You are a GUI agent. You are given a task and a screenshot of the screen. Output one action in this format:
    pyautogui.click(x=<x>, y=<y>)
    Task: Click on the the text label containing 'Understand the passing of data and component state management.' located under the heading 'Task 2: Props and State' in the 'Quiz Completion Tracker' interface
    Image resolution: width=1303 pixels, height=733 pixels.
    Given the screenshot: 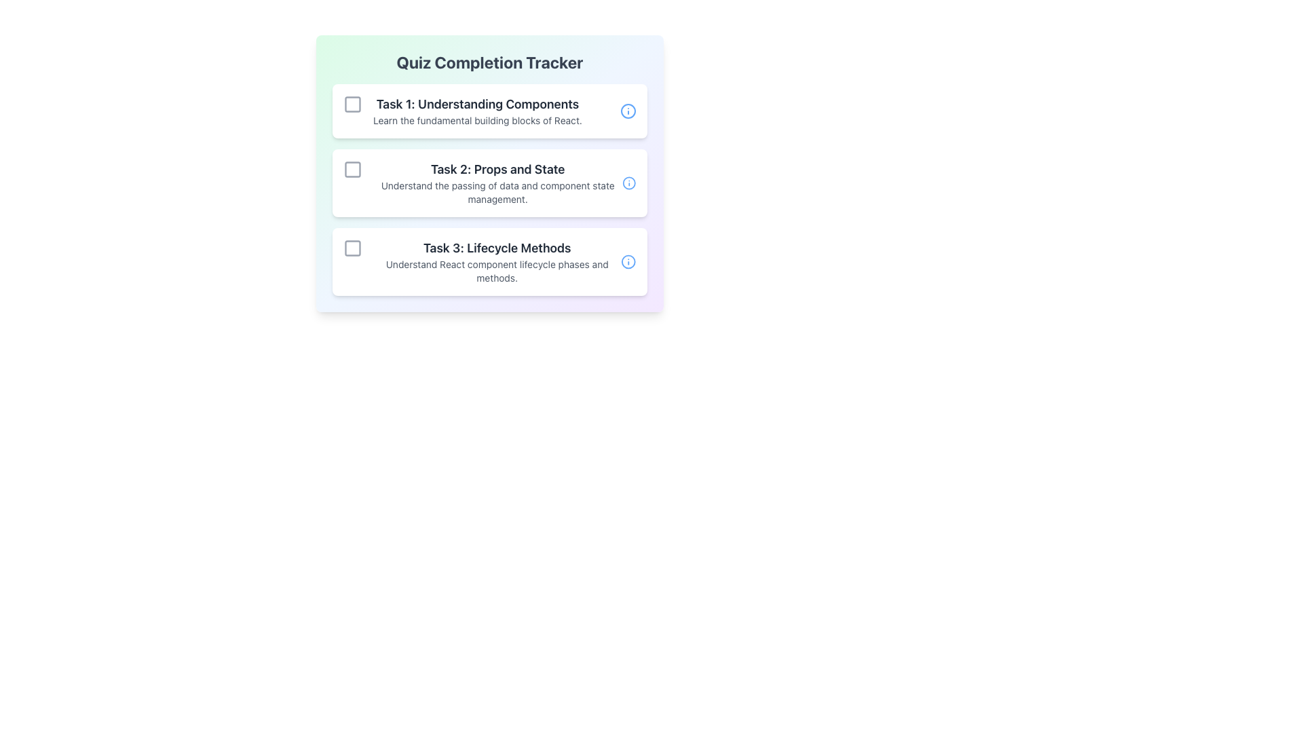 What is the action you would take?
    pyautogui.click(x=497, y=193)
    